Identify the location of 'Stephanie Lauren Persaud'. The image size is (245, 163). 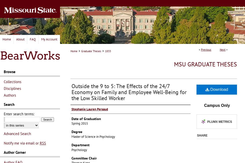
(89, 109).